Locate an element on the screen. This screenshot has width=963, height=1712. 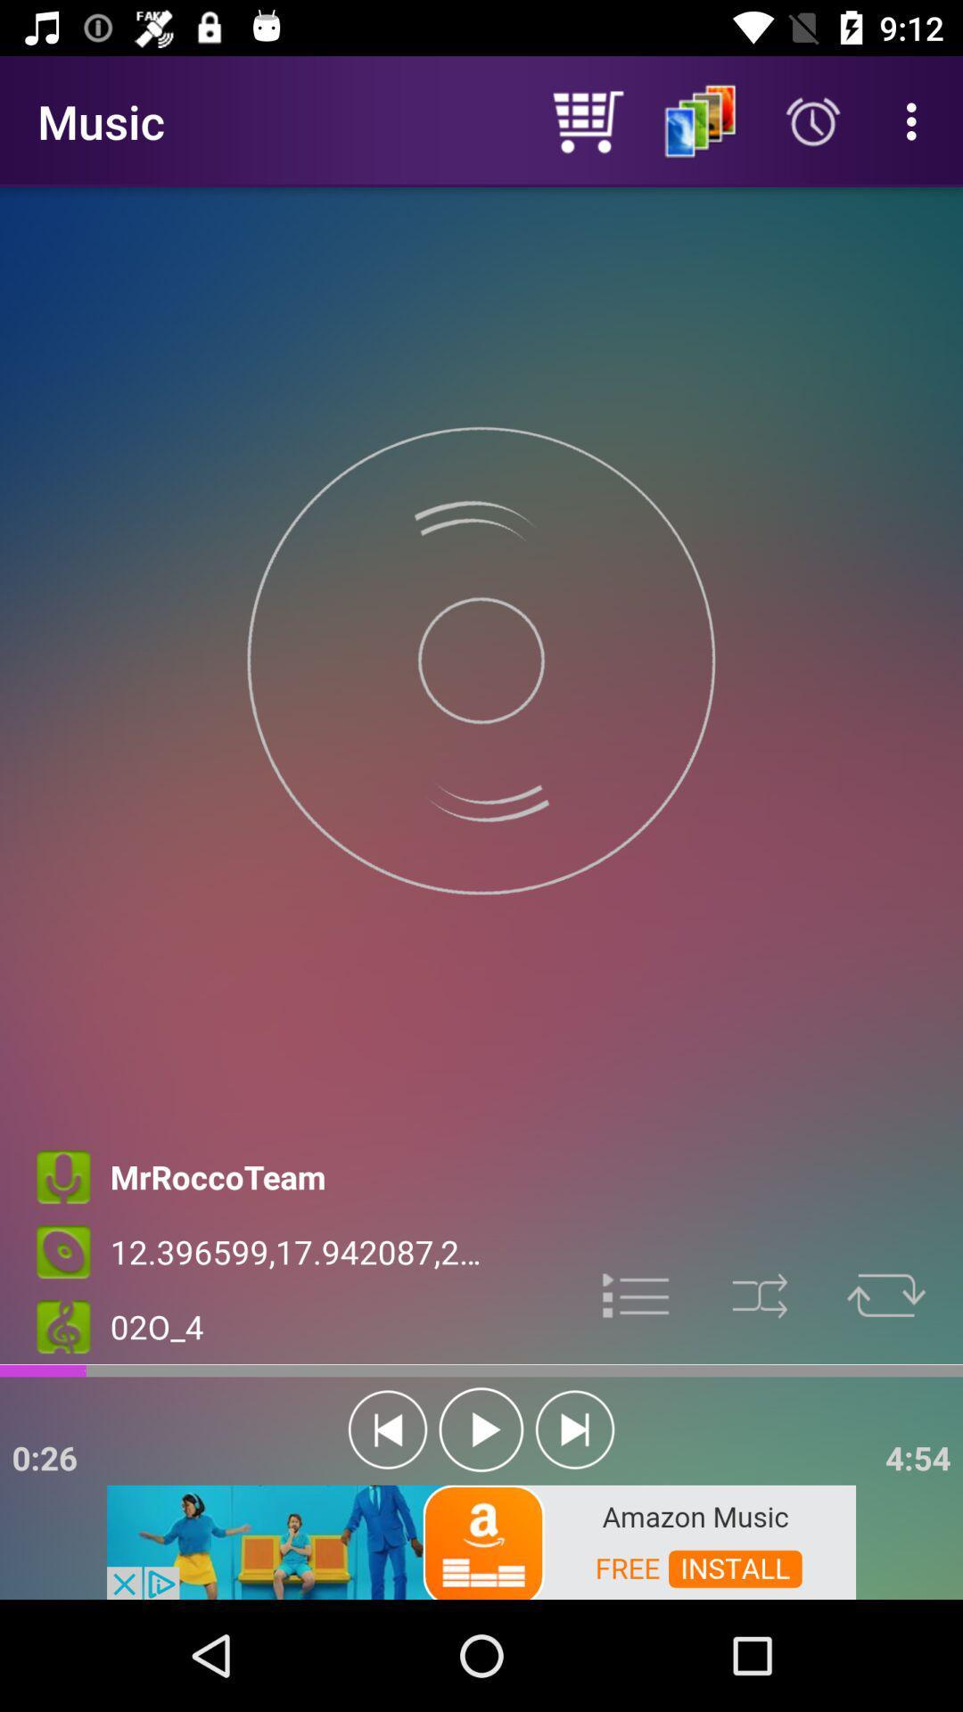
switch autoplay option is located at coordinates (481, 1429).